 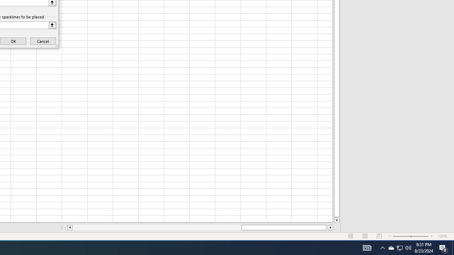 What do you see at coordinates (350, 236) in the screenshot?
I see `'Normal'` at bounding box center [350, 236].